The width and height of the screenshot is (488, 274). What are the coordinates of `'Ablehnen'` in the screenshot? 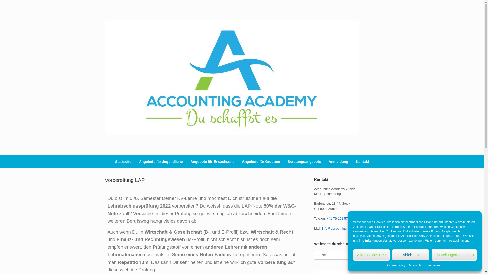 It's located at (392, 255).